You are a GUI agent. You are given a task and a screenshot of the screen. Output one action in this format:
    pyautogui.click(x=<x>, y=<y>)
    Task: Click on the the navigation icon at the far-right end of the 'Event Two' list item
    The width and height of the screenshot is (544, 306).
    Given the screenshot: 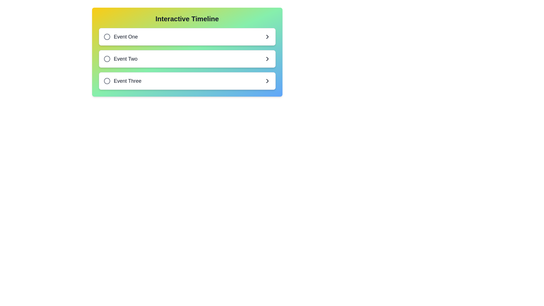 What is the action you would take?
    pyautogui.click(x=267, y=59)
    